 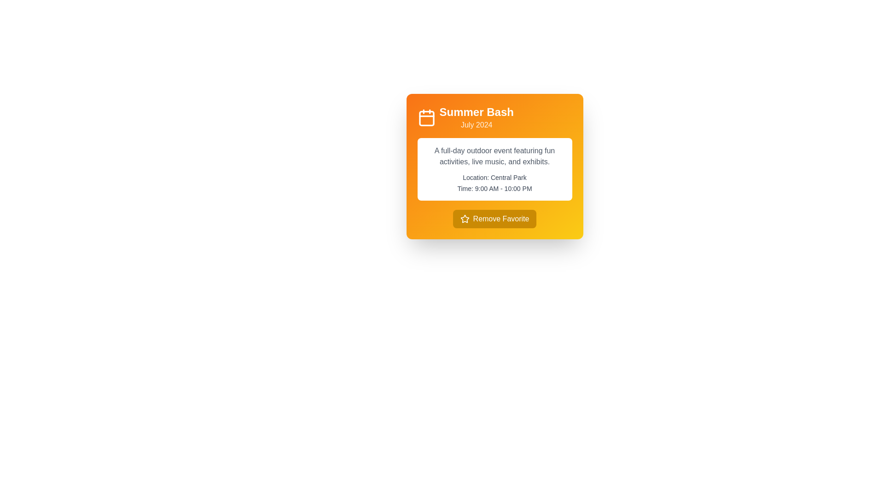 What do you see at coordinates (494, 183) in the screenshot?
I see `the static text block displaying location and time information, which contains 'Location: Central Park' and 'Time: 9:00 AM - 10:00 PM', located in the lower half of a white panel inside a yellow-orange gradient card` at bounding box center [494, 183].